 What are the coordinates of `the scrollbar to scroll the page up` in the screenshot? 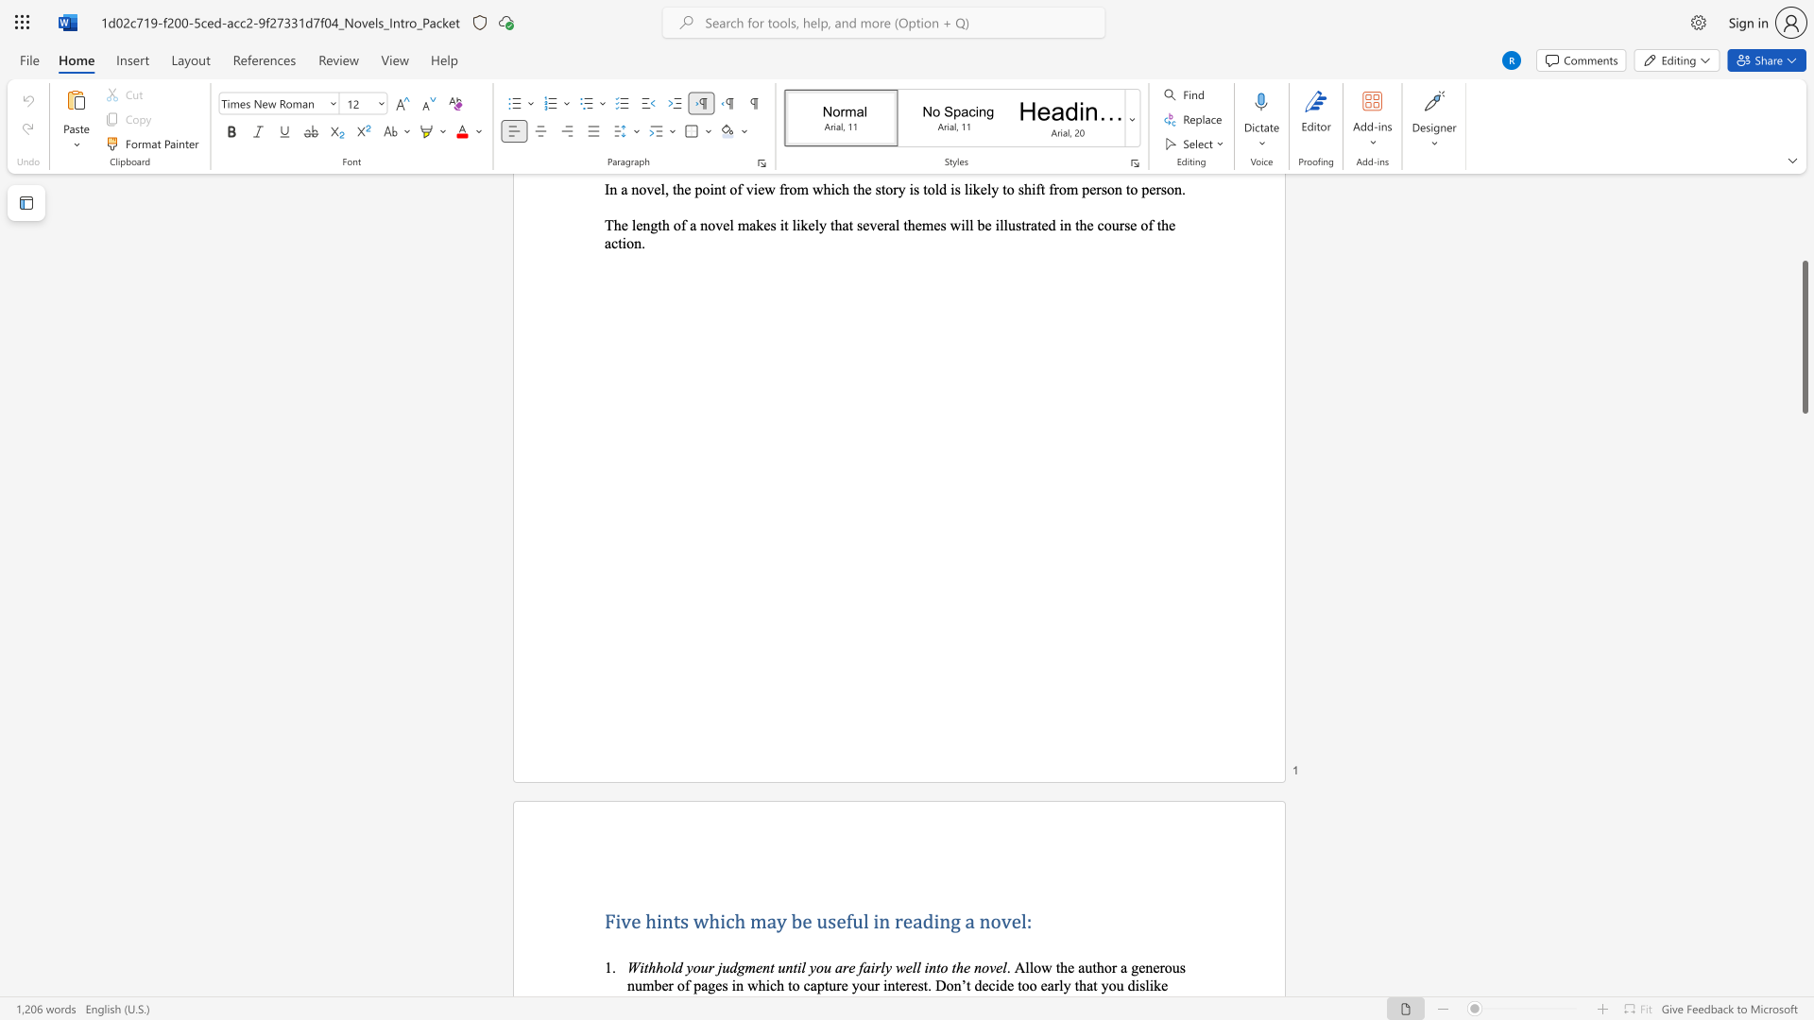 It's located at (1804, 301).